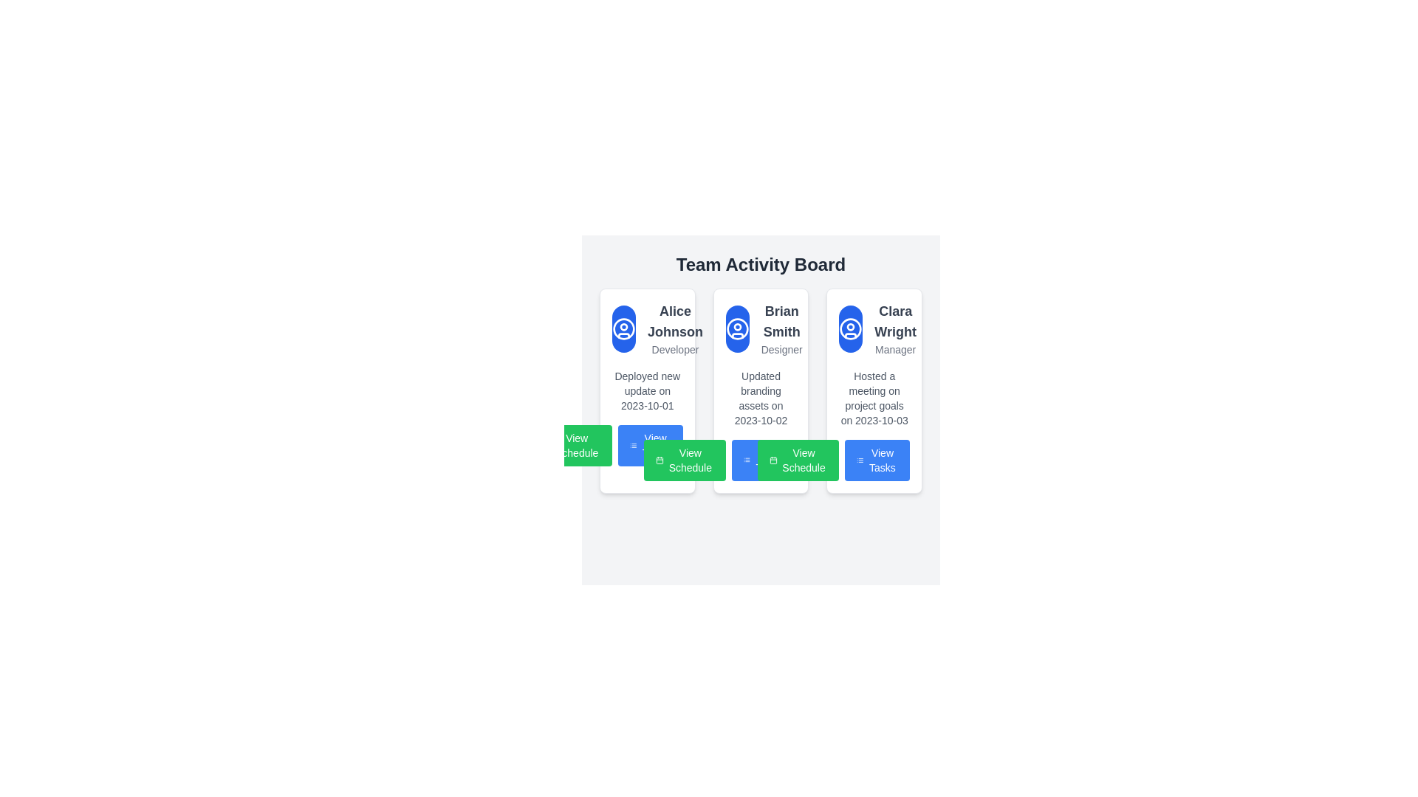  What do you see at coordinates (659, 460) in the screenshot?
I see `the calendar icon located on the left side of the 'View Schedule' button` at bounding box center [659, 460].